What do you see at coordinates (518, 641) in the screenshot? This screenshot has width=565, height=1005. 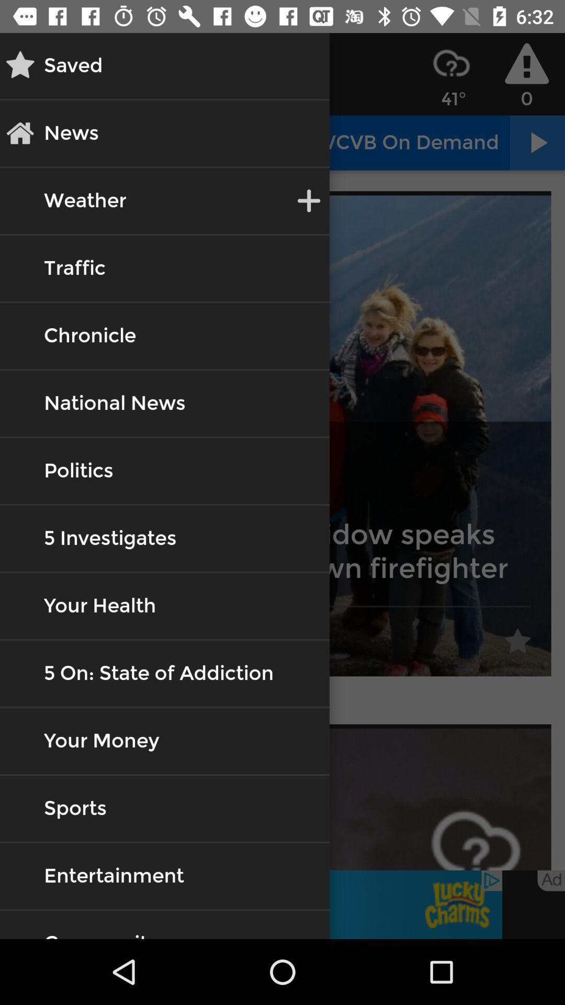 I see `the first star icon on the web page` at bounding box center [518, 641].